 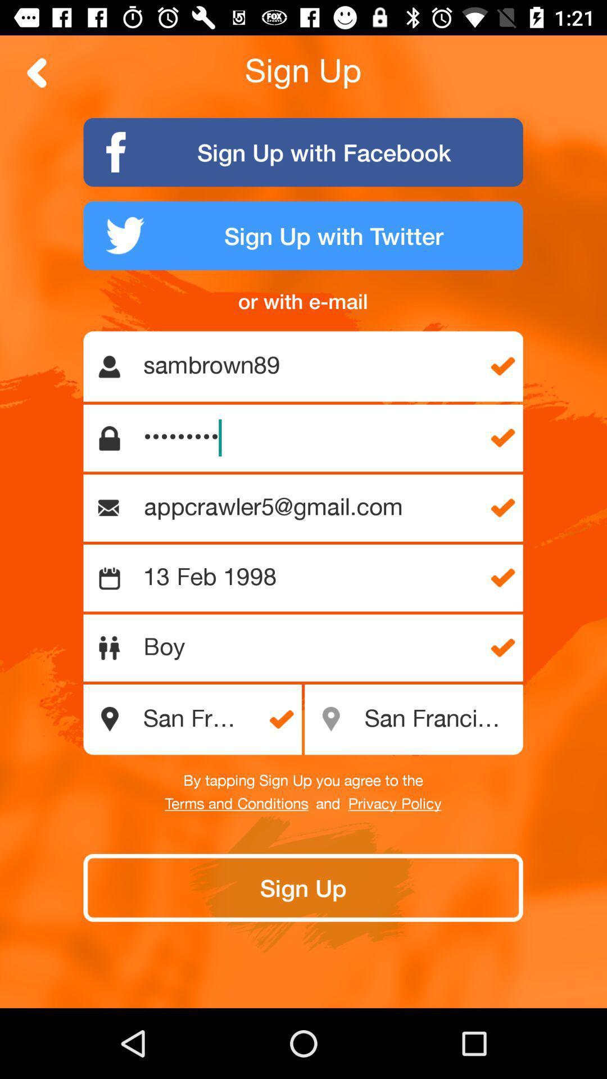 What do you see at coordinates (37, 72) in the screenshot?
I see `go back` at bounding box center [37, 72].